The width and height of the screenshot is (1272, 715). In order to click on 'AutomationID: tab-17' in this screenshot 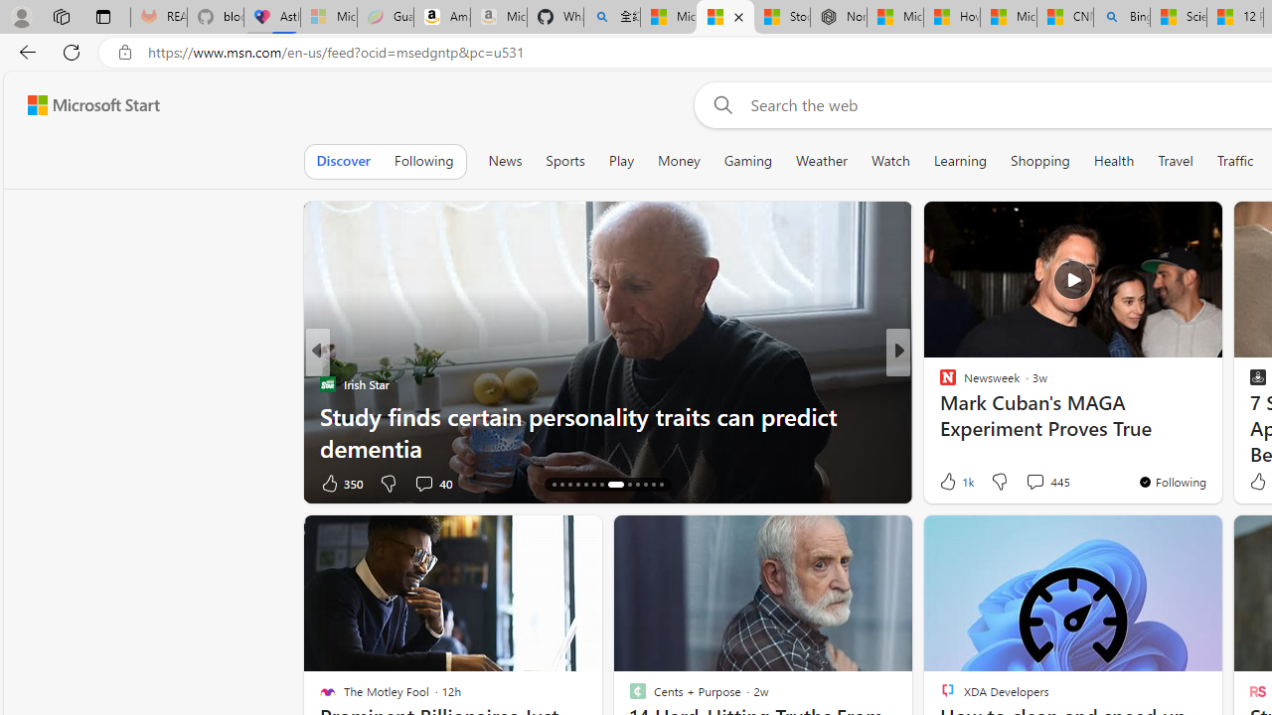, I will do `click(576, 485)`.